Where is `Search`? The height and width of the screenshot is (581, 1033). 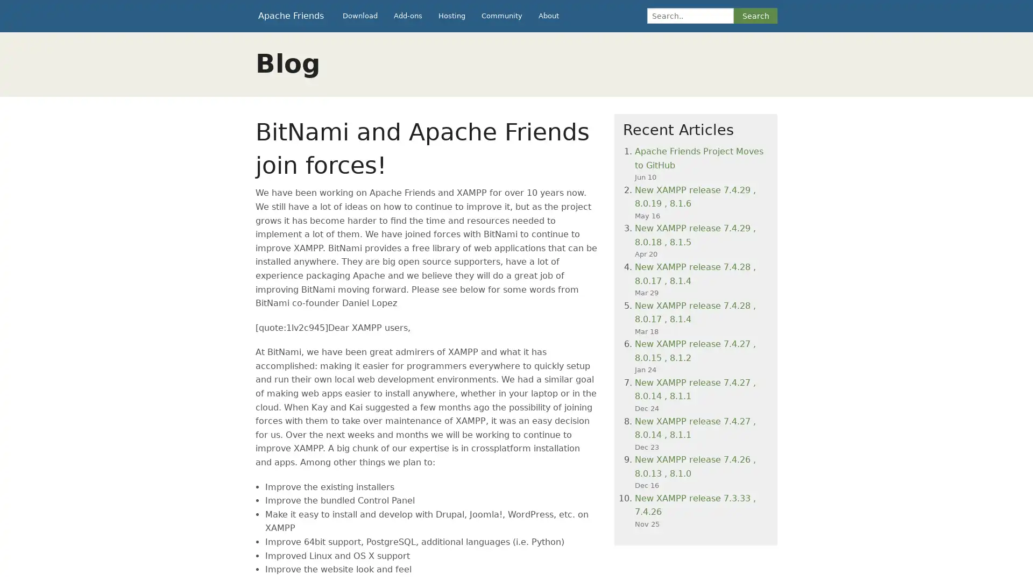
Search is located at coordinates (755, 16).